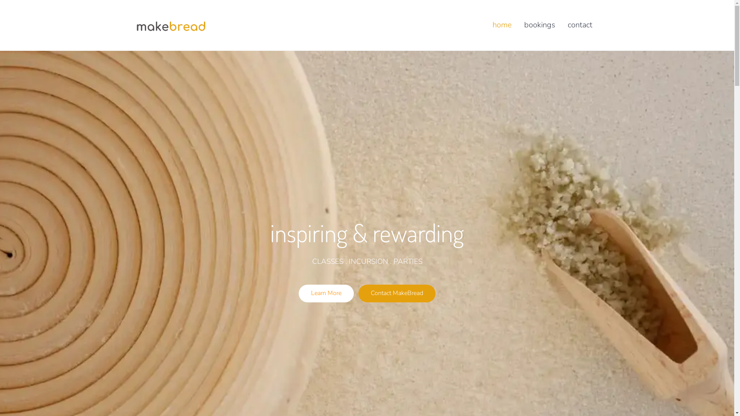  I want to click on 'bookings', so click(539, 25).